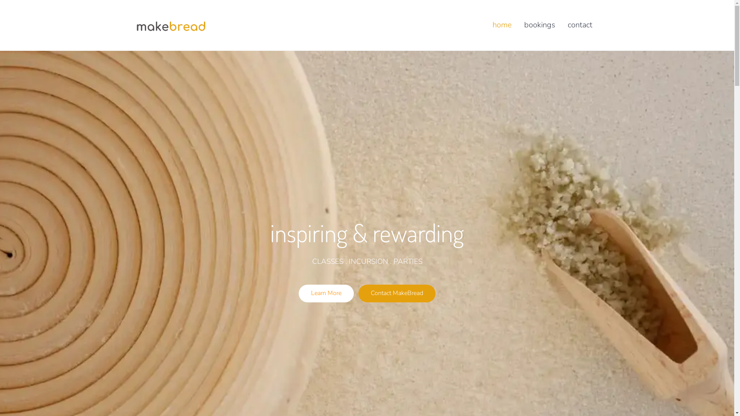  I want to click on 'bookings', so click(539, 25).